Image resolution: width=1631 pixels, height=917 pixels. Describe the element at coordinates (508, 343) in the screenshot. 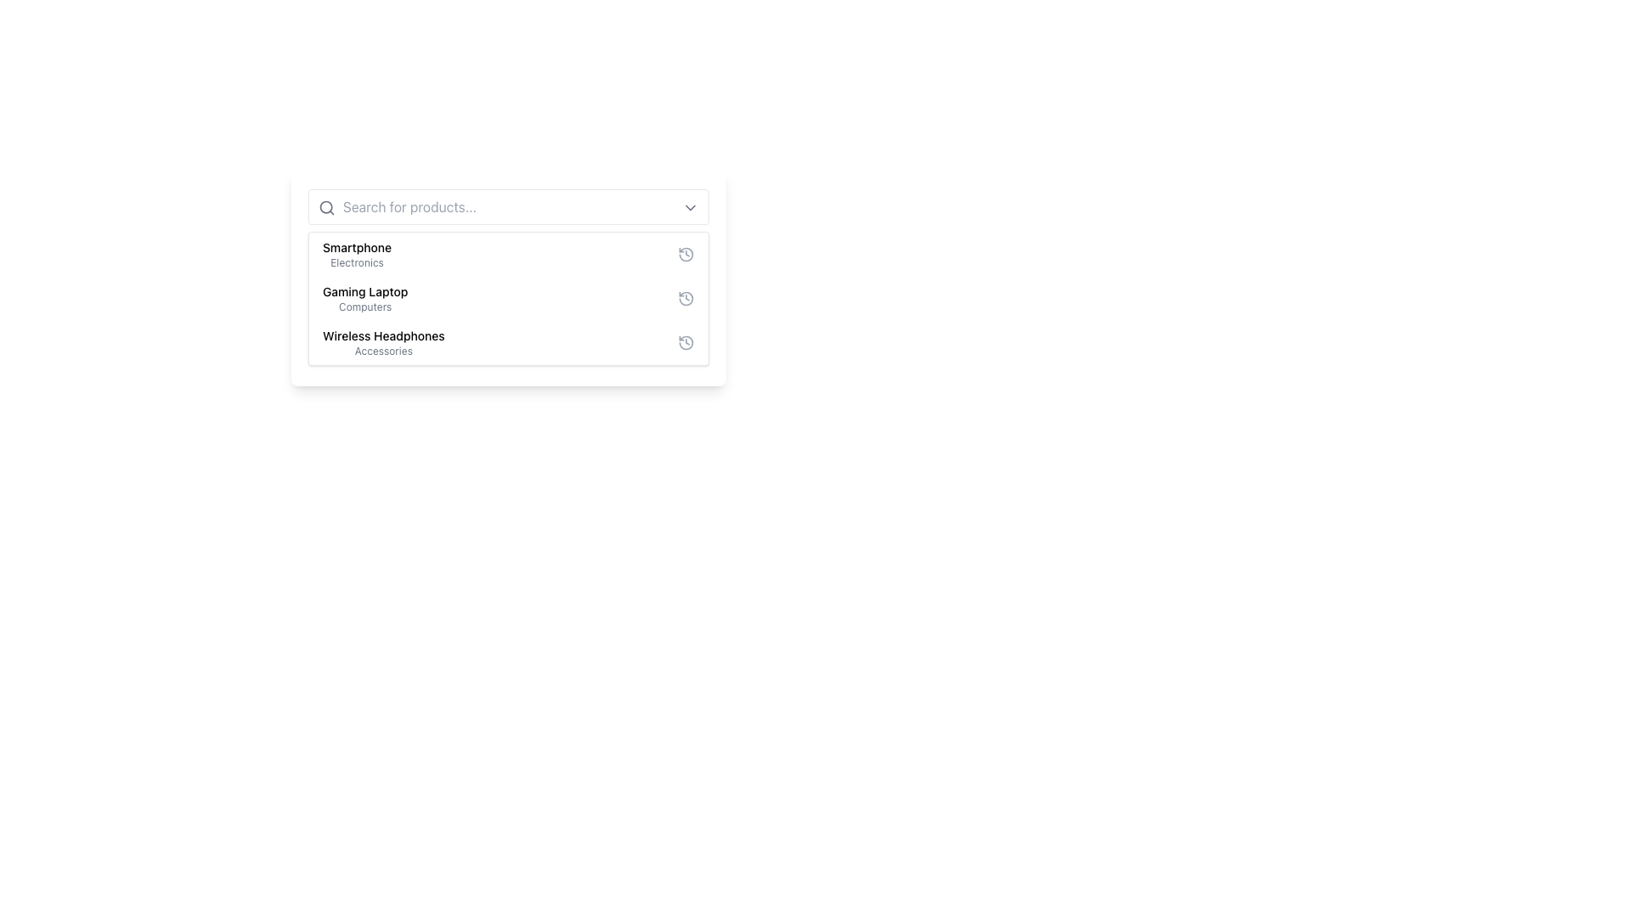

I see `the selectable list item for 'Wireless Headphones' in the dropdown menu, which is the third entry in the list` at that location.